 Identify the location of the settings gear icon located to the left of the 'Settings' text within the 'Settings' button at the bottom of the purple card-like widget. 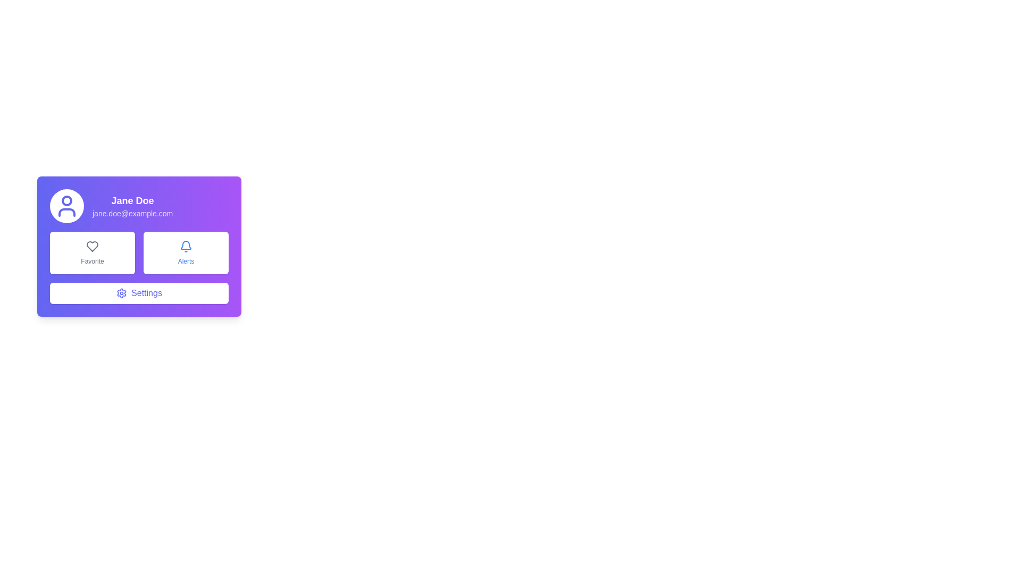
(122, 293).